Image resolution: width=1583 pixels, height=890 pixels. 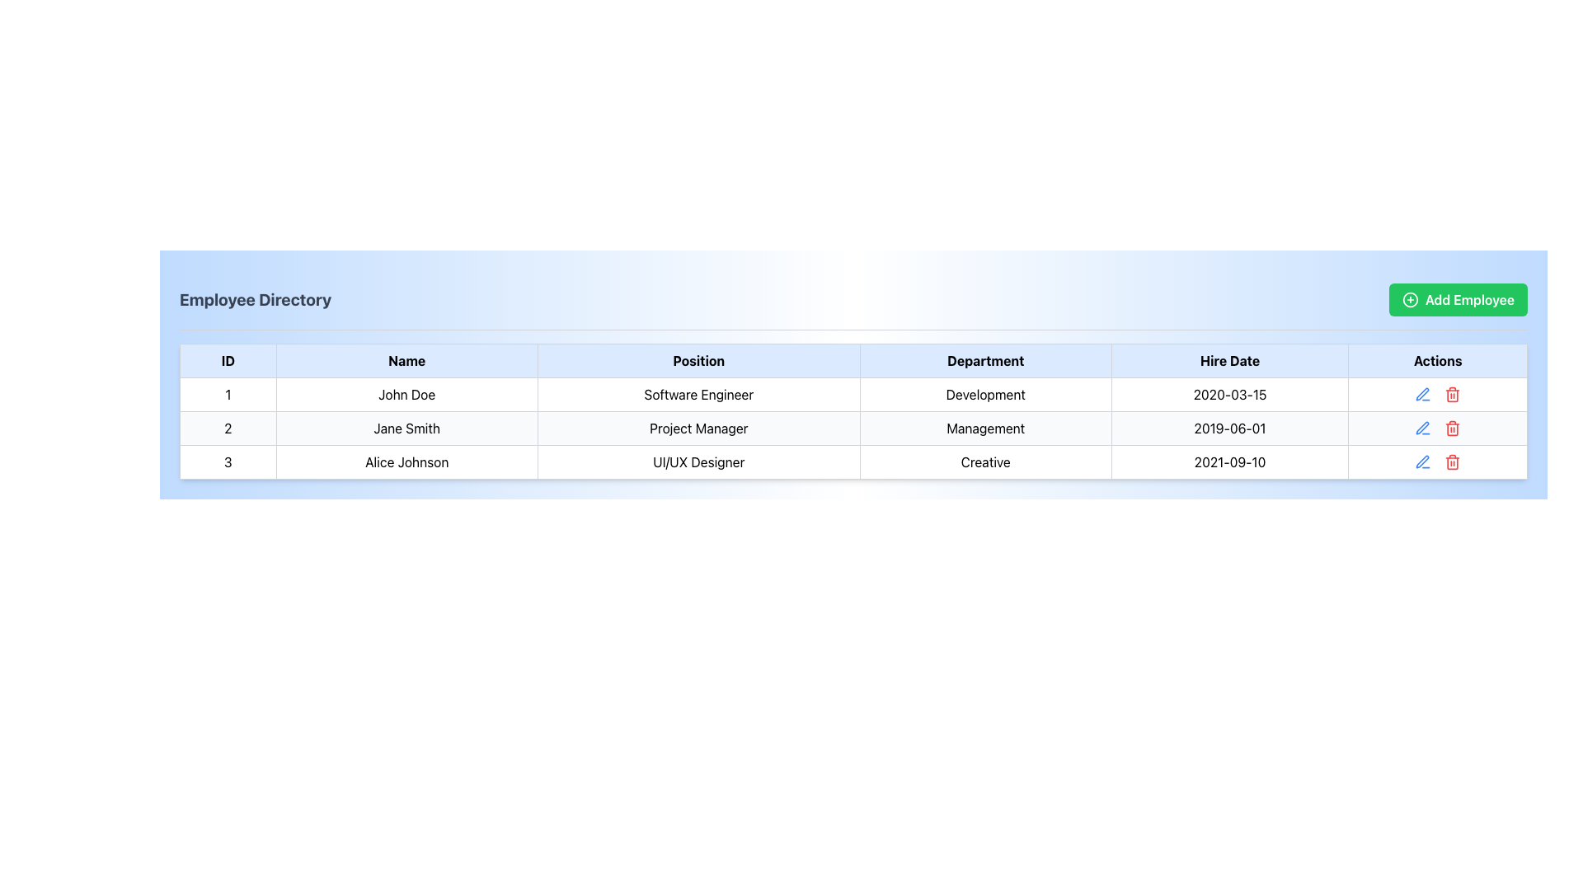 I want to click on the static text label displaying 'Management' in the second row, fourth column of the table, which has a light gray background and black text, so click(x=985, y=428).